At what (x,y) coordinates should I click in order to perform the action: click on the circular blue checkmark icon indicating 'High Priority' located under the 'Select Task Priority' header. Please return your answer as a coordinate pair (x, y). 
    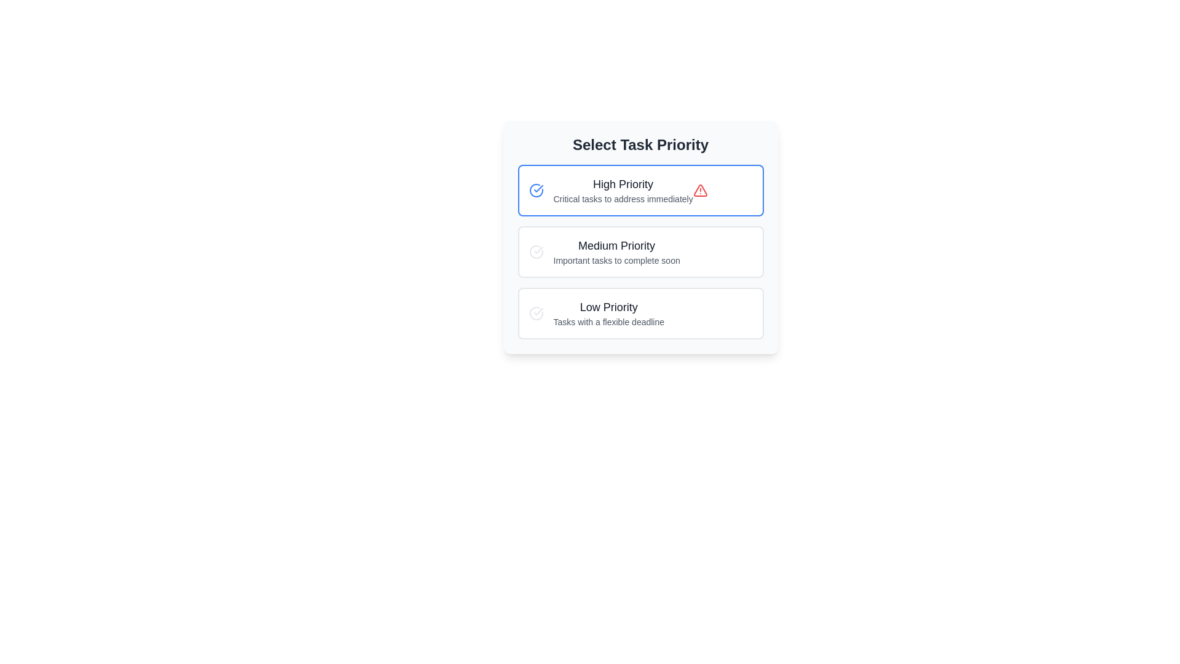
    Looking at the image, I should click on (536, 190).